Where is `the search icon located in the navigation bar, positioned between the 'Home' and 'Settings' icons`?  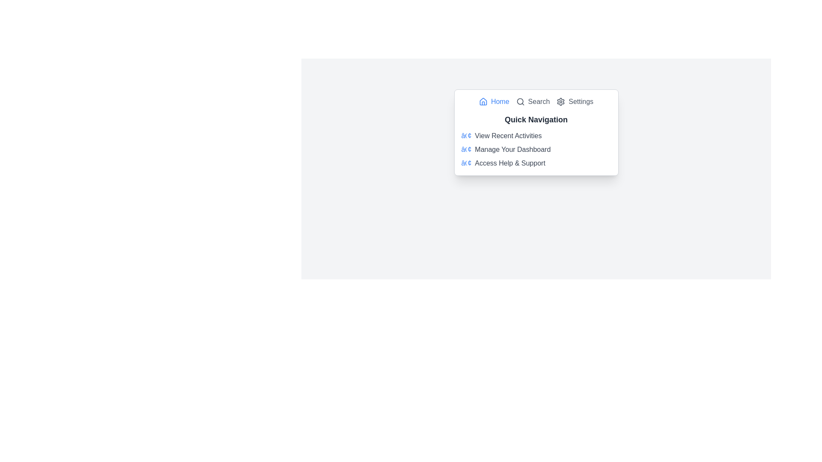 the search icon located in the navigation bar, positioned between the 'Home' and 'Settings' icons is located at coordinates (520, 101).